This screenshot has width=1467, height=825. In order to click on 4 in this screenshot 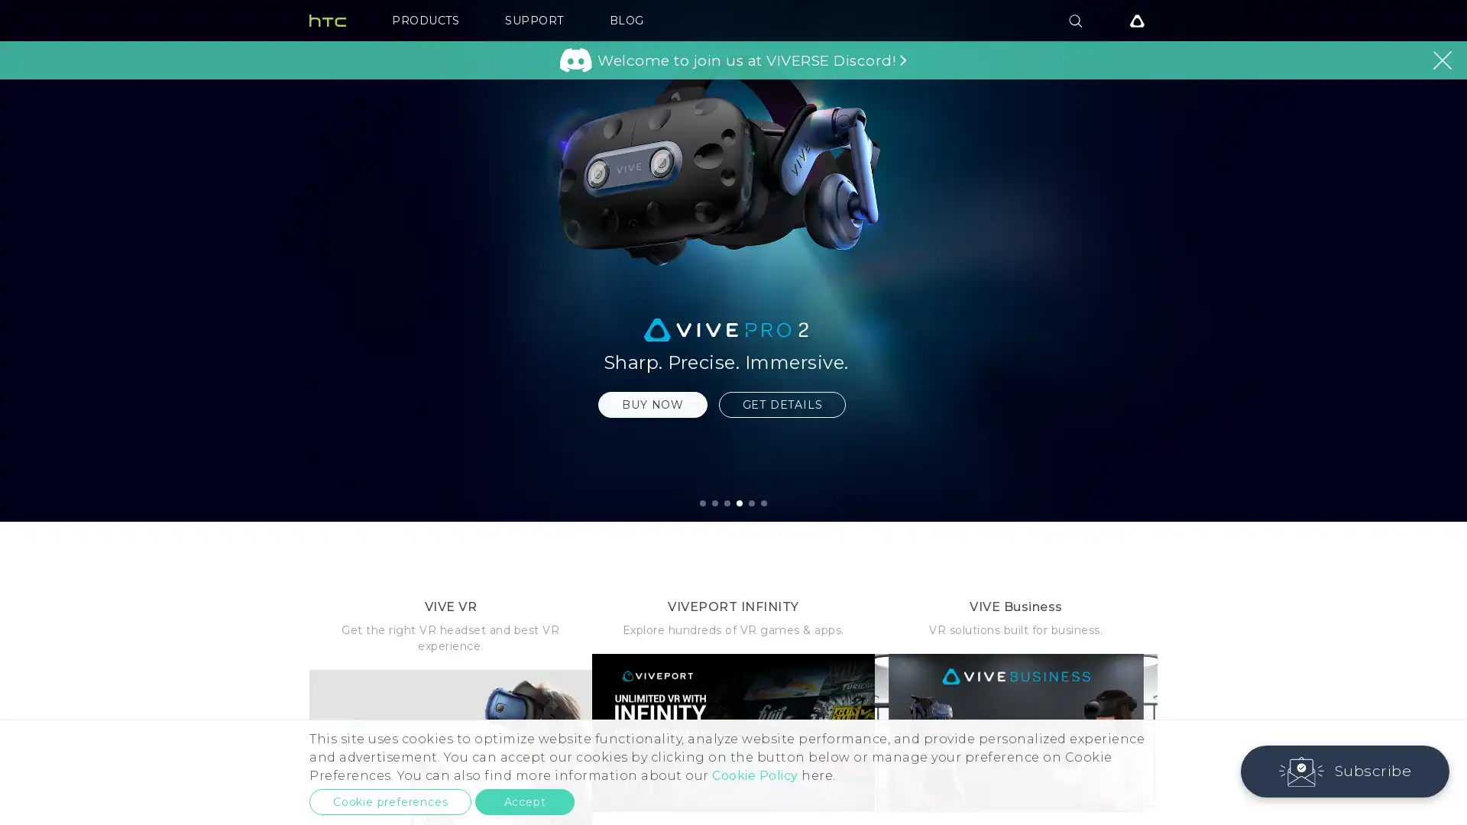, I will do `click(740, 503)`.